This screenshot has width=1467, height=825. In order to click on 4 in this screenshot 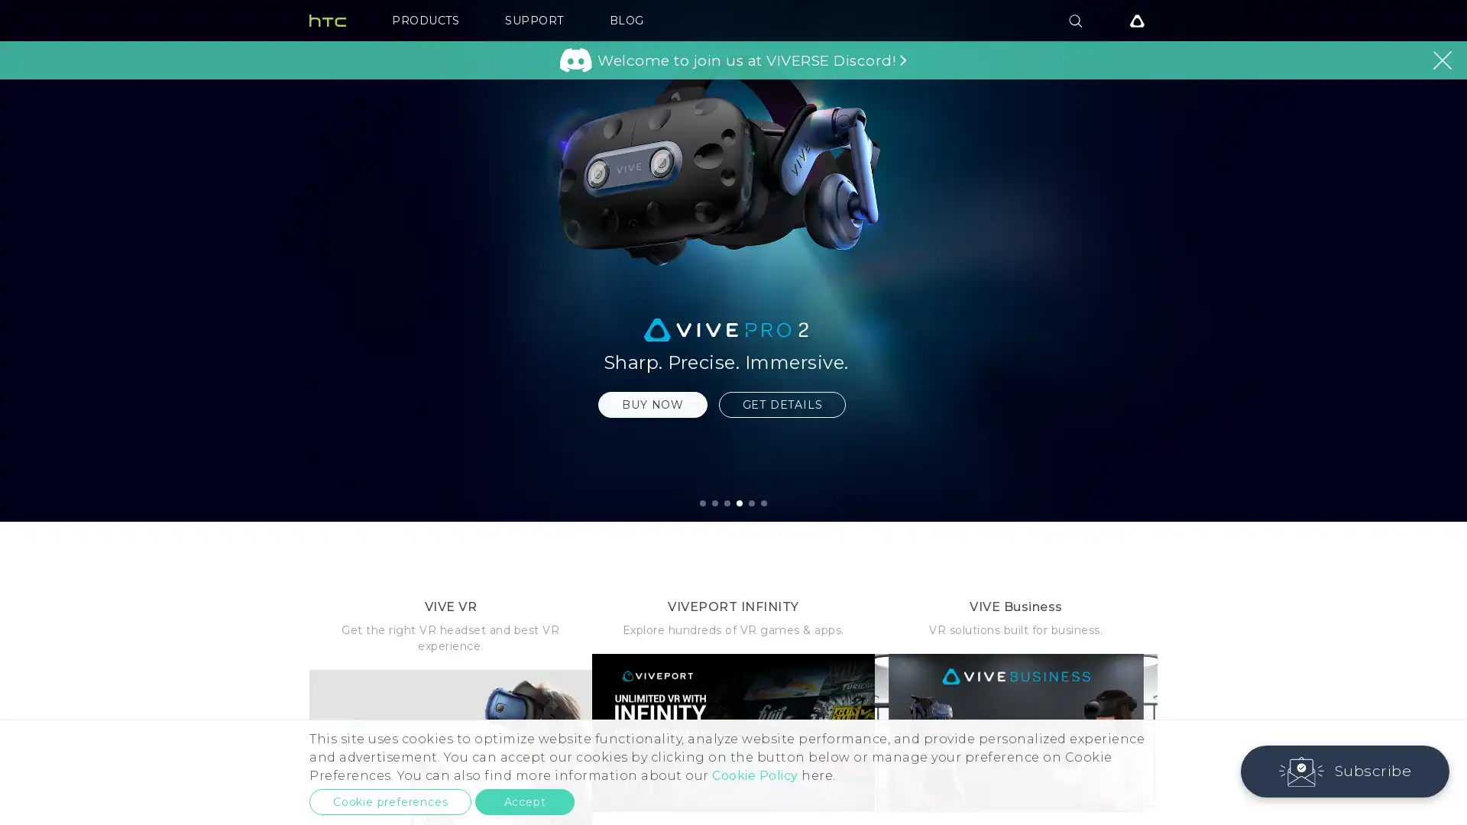, I will do `click(740, 503)`.